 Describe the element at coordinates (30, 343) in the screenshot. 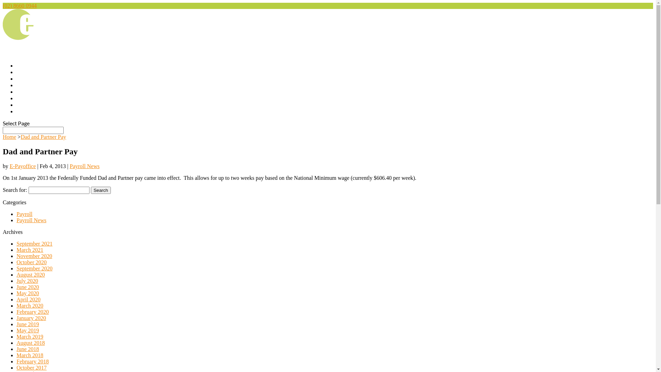

I see `'August 2018'` at that location.